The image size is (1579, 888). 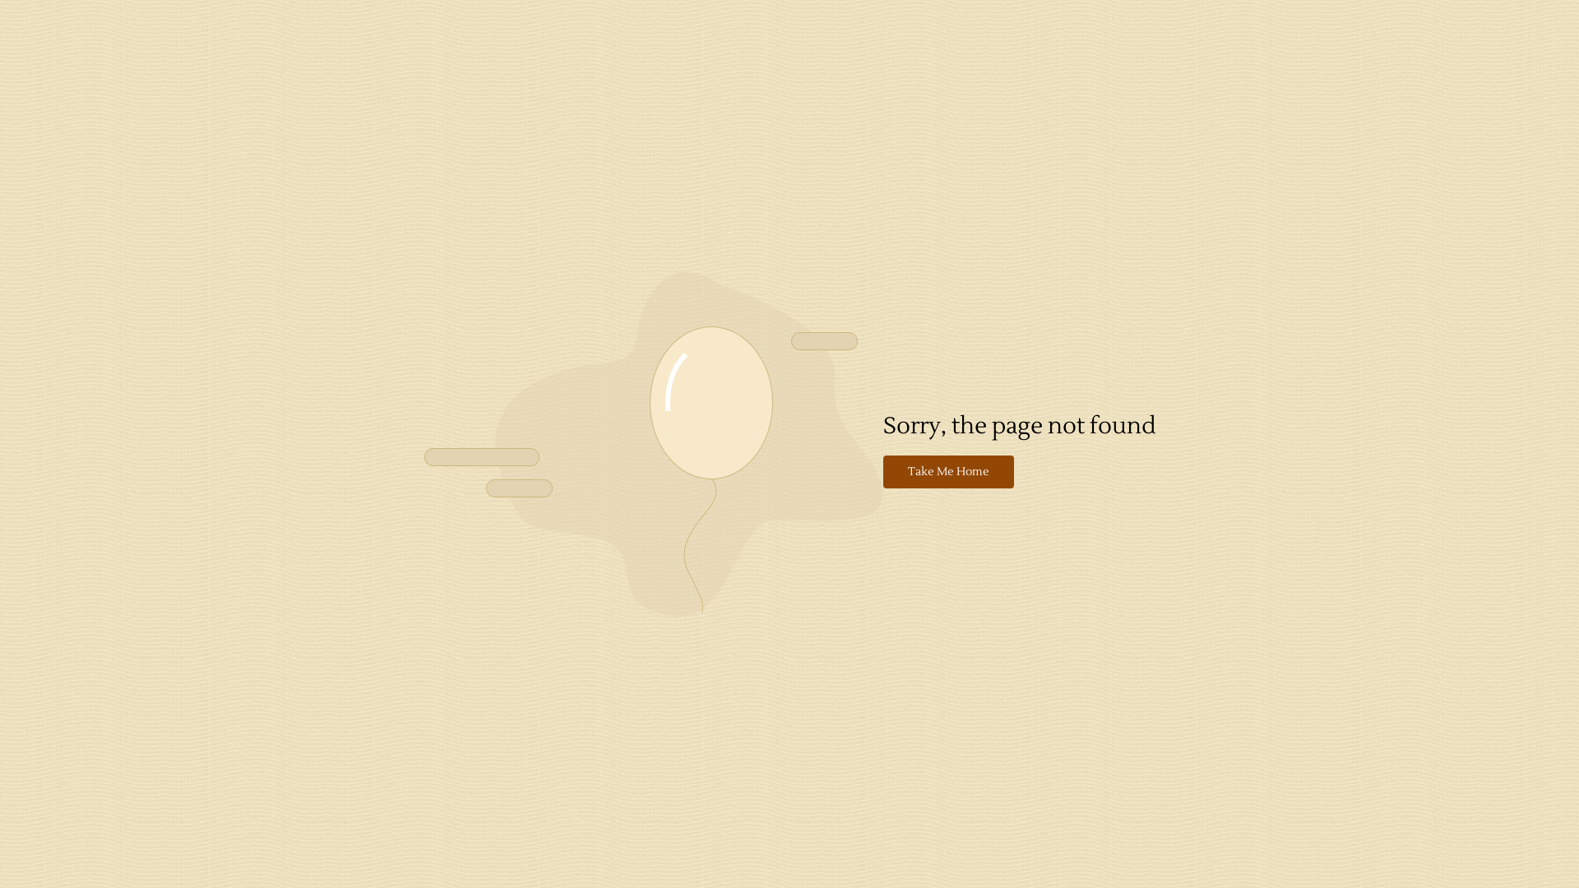 What do you see at coordinates (948, 472) in the screenshot?
I see `'Take Me Home'` at bounding box center [948, 472].